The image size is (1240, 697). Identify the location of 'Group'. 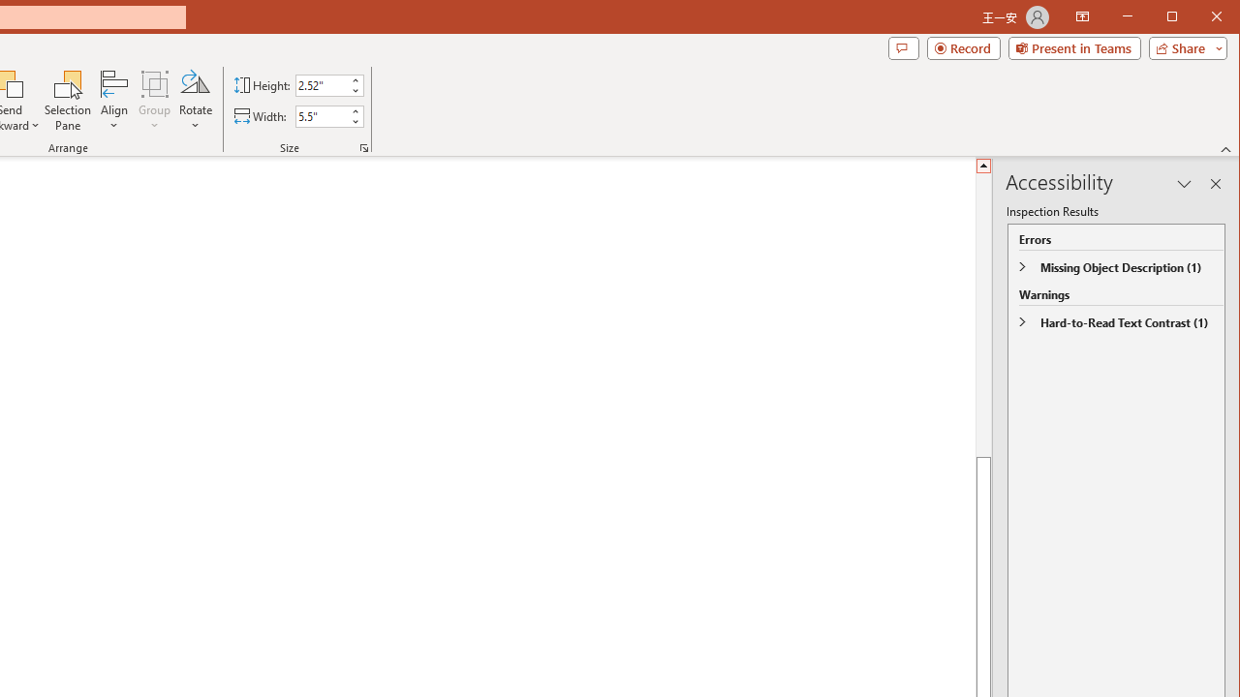
(155, 101).